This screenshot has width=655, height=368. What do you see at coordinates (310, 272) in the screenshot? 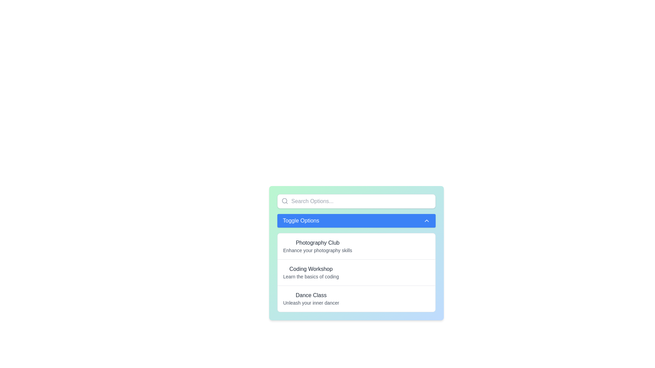
I see `the second list item with descriptive text in the interactive dropdown menu` at bounding box center [310, 272].